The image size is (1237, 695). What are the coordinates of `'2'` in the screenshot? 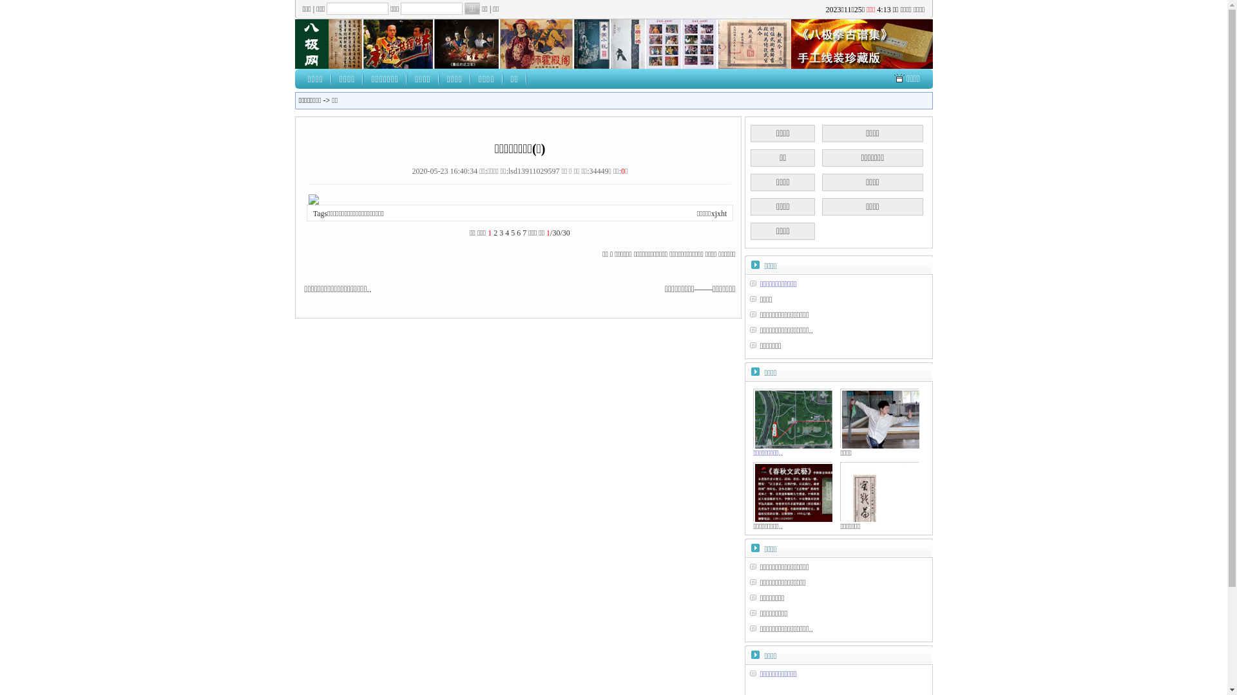 It's located at (494, 233).